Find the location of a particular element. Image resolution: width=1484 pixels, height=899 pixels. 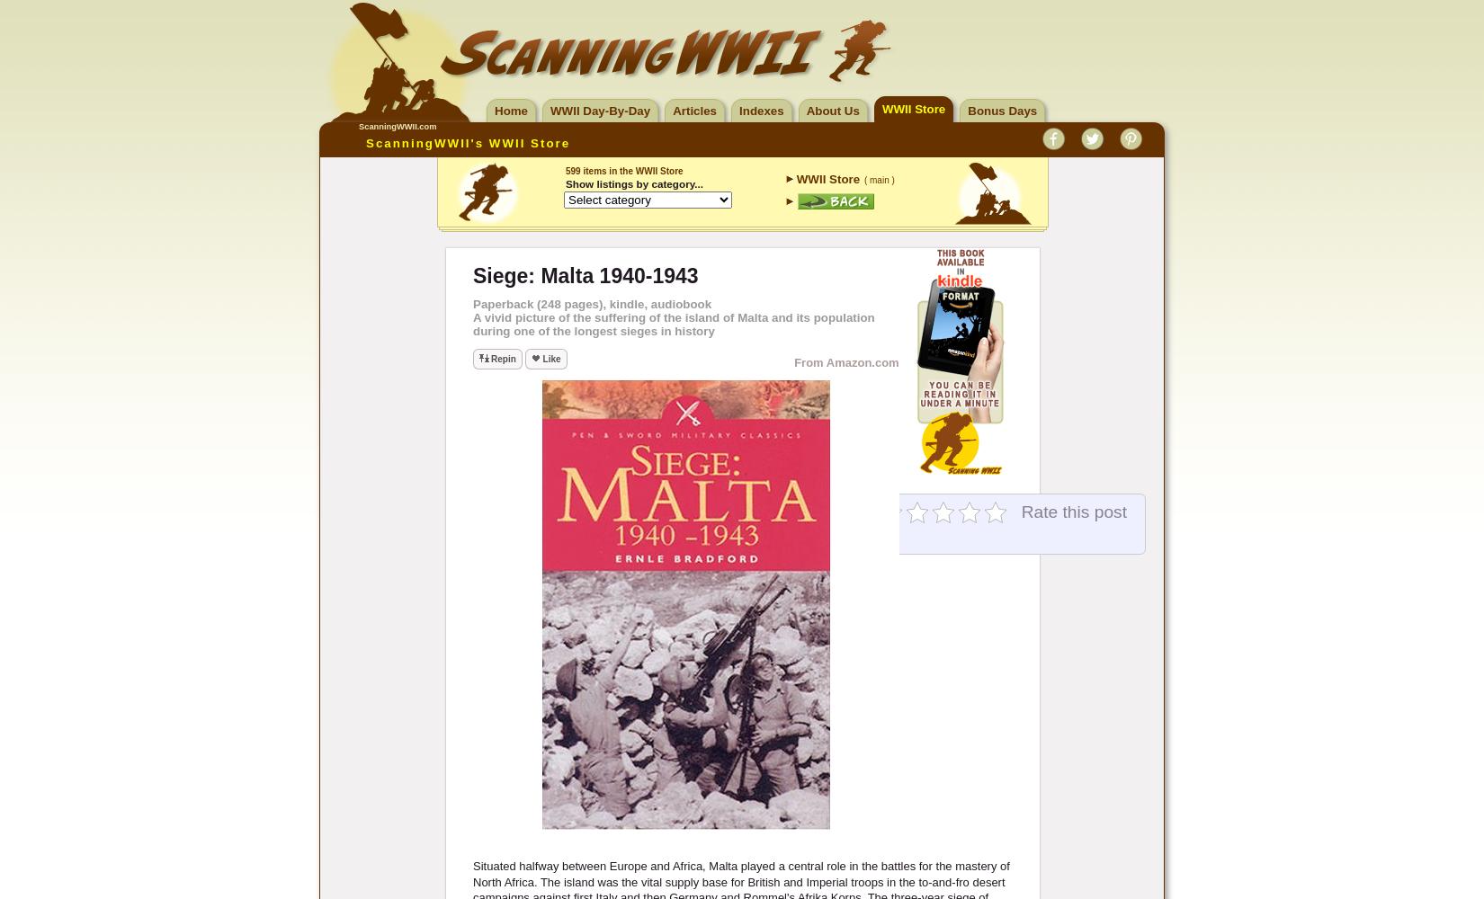

'A vivid picture of the suffering of the island of Malta and its population during one of the longest sieges in history' is located at coordinates (472, 324).